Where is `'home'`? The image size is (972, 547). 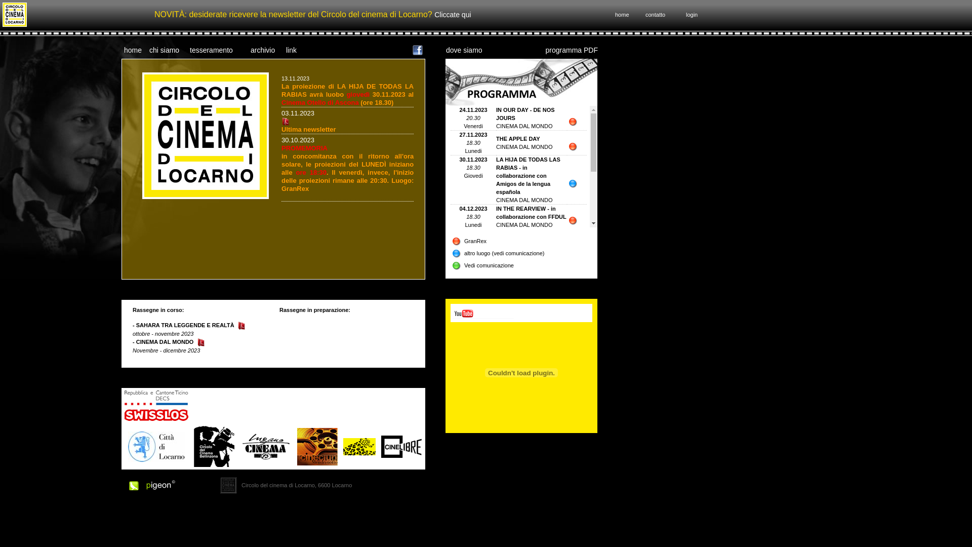
'home' is located at coordinates (132, 49).